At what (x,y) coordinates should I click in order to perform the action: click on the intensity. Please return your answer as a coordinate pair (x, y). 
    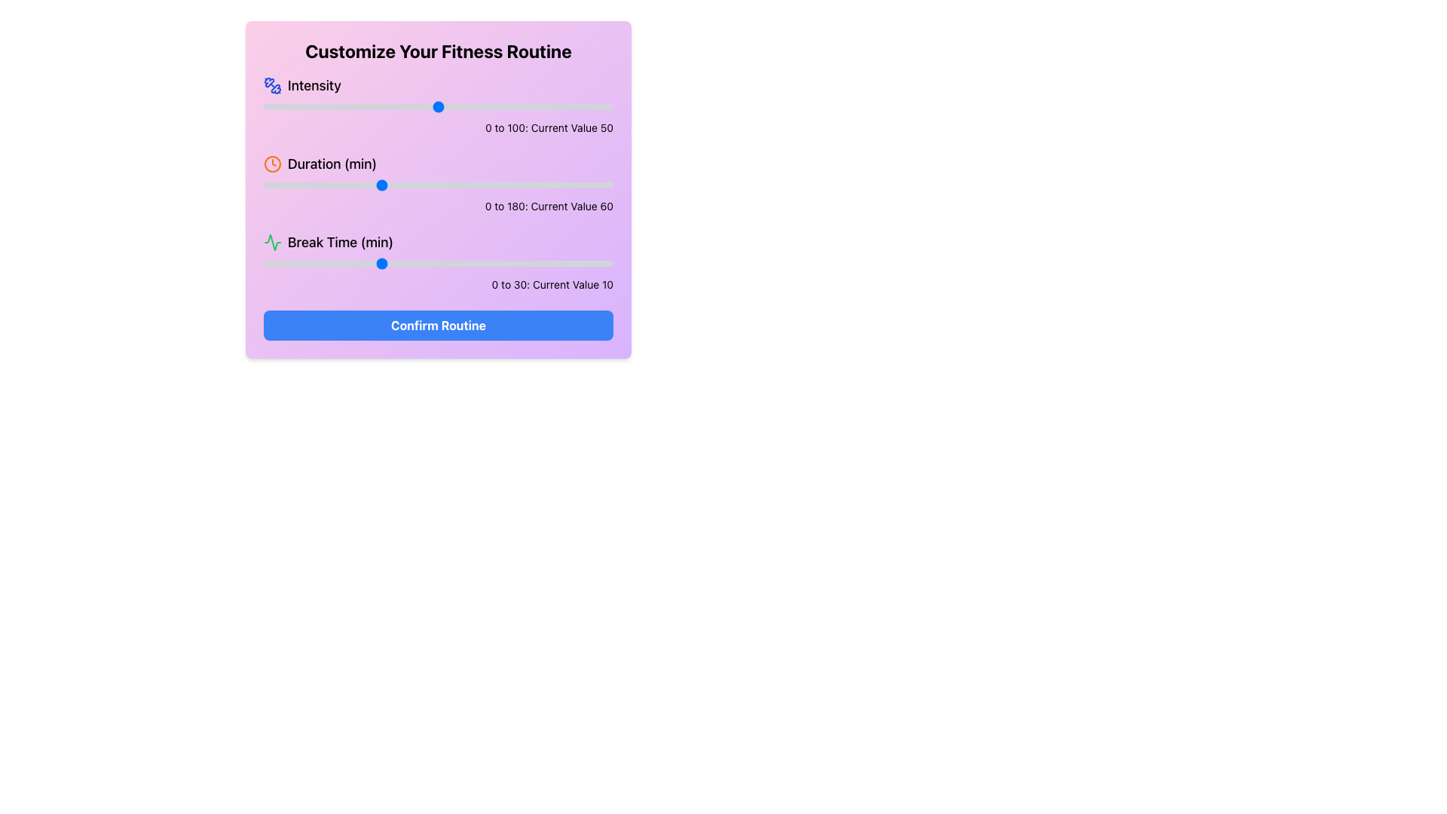
    Looking at the image, I should click on (540, 106).